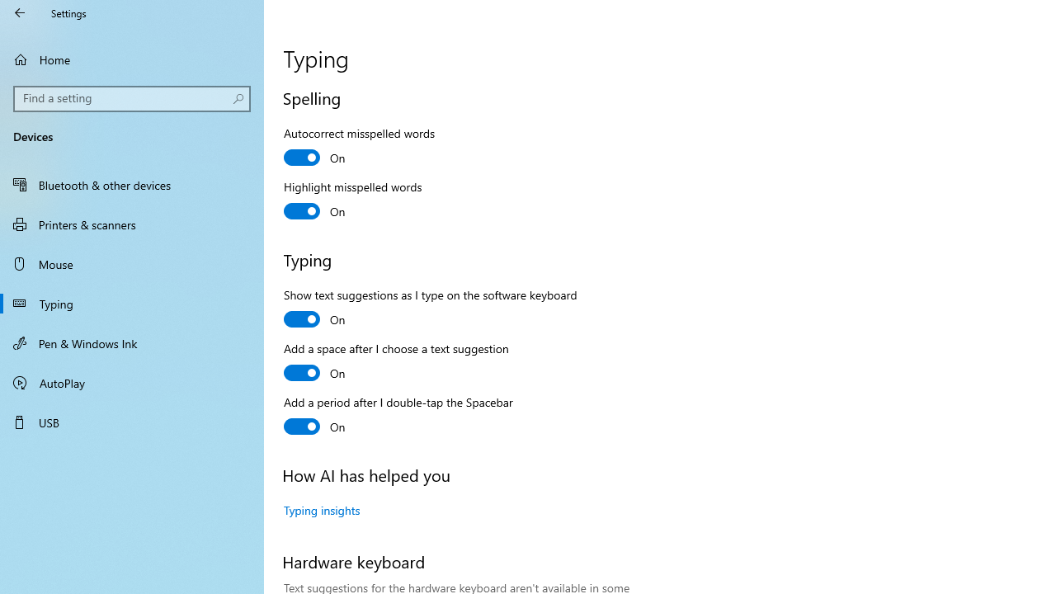 This screenshot has height=594, width=1056. I want to click on 'Pen & Windows Ink', so click(132, 342).